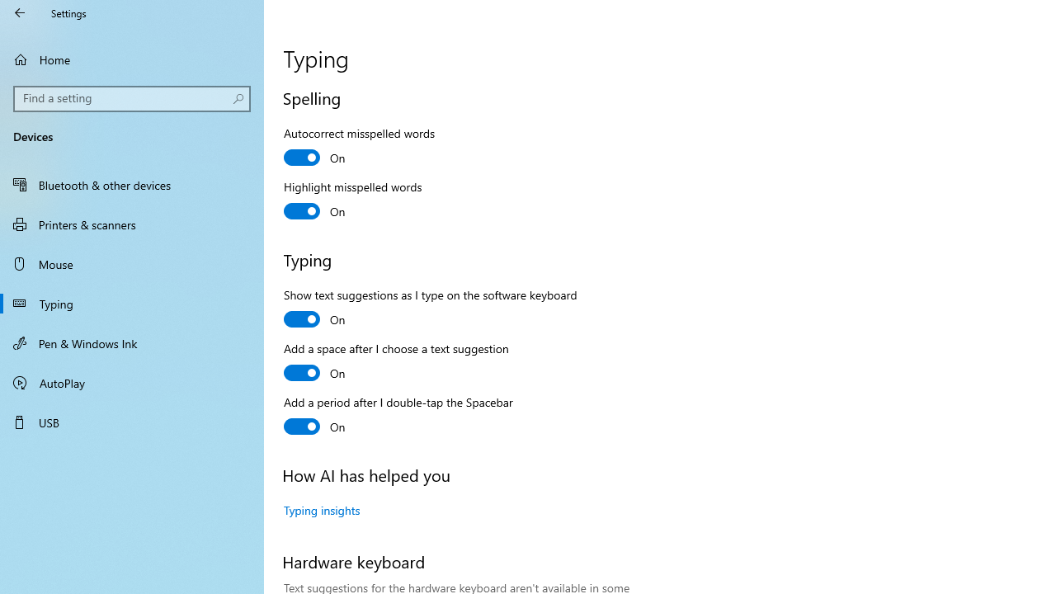 This screenshot has height=594, width=1056. I want to click on 'Pen & Windows Ink', so click(132, 342).